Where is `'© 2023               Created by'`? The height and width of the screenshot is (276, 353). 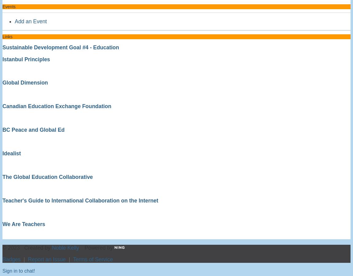
'© 2023               Created by' is located at coordinates (27, 247).